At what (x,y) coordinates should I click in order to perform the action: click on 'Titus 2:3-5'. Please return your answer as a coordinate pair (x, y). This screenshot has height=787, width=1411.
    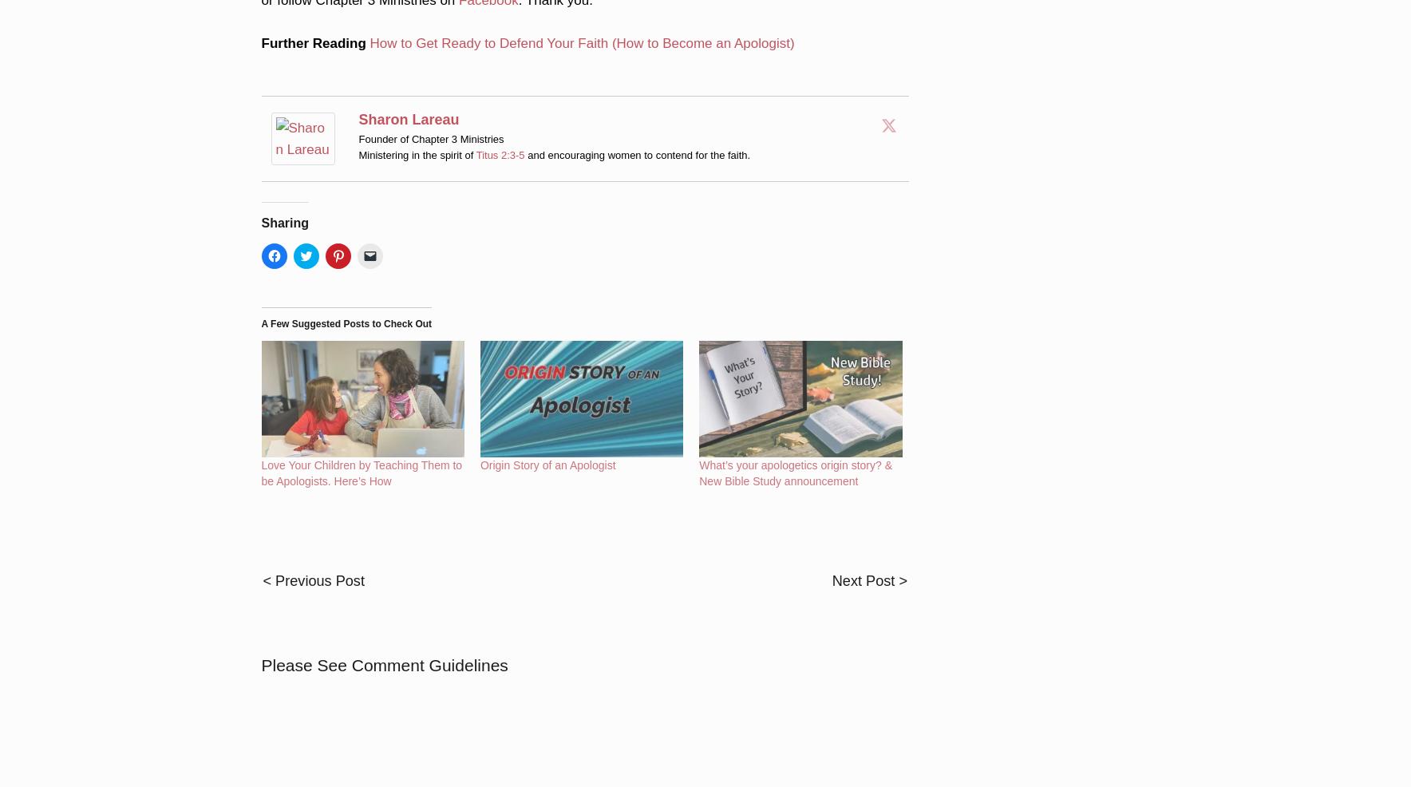
    Looking at the image, I should click on (499, 132).